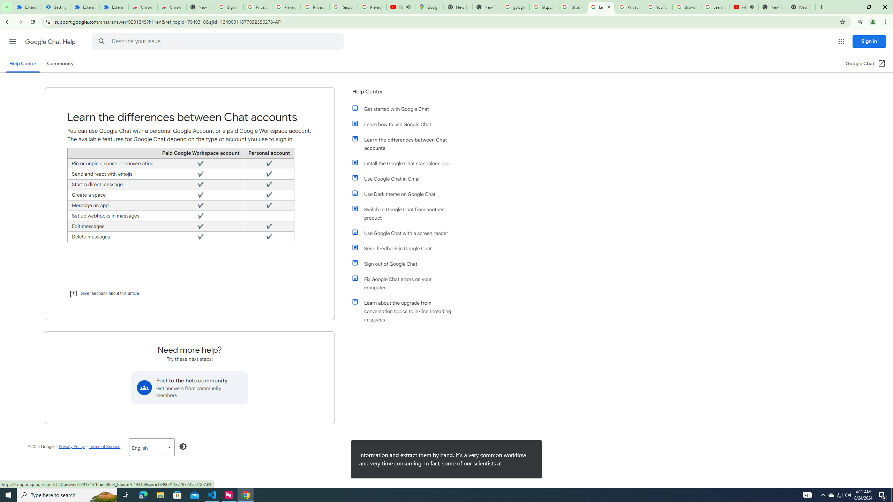  I want to click on 'Chrome Web Store - Themes', so click(172, 7).